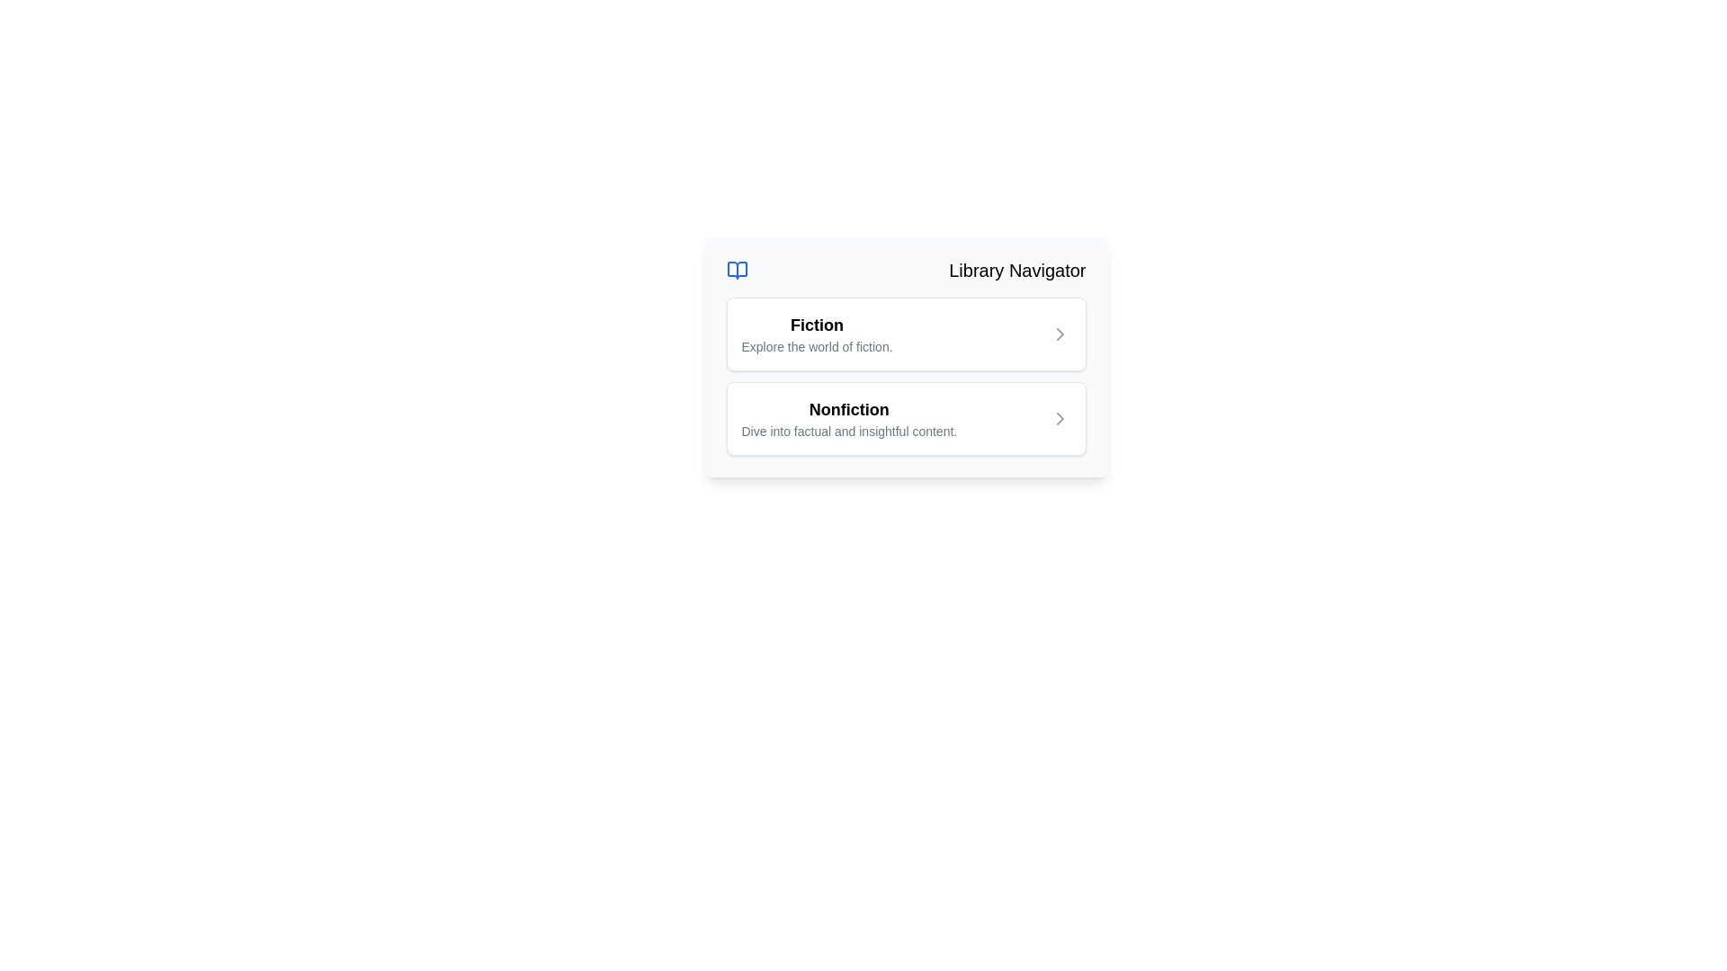  I want to click on the text label element displaying 'Nonfiction', which is styled in bold and larger font, positioned above the descriptive text and centrally aligned within its section, so click(848, 409).